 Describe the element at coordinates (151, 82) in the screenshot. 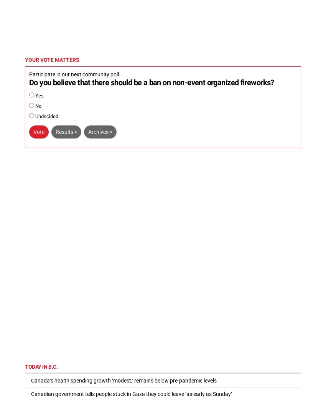

I see `'Do you believe that there should be a ban on non-event organized fireworks?'` at that location.